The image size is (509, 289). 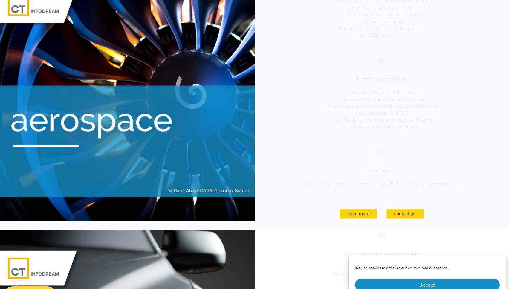 I want to click on '– Exhaustive follow-up of manufacturing data', so click(x=381, y=99).